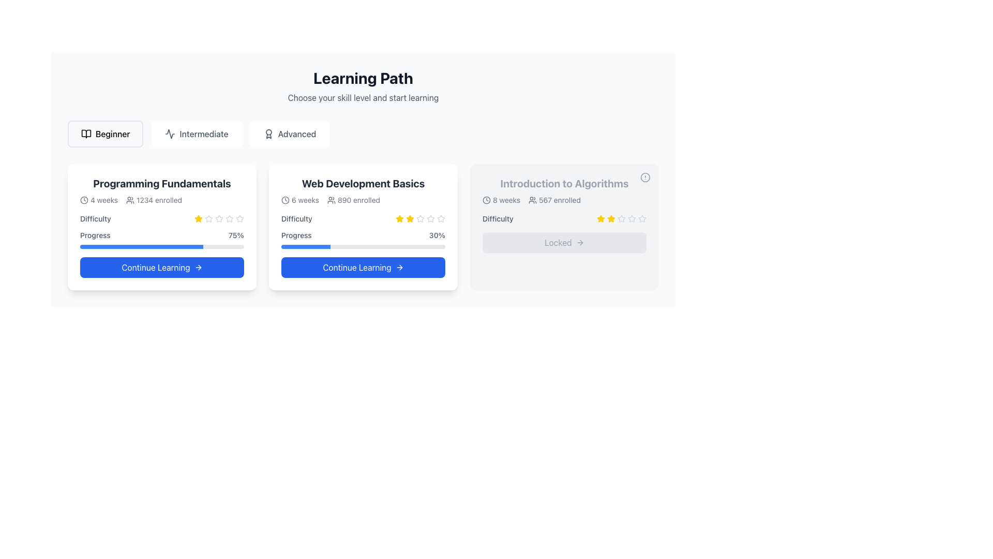 The width and height of the screenshot is (993, 559). I want to click on the filled portion of the progress bar, which is a blue rectangular bar indicating 30% progress within the progress bar of the 'Web Development Basics' card, so click(305, 247).